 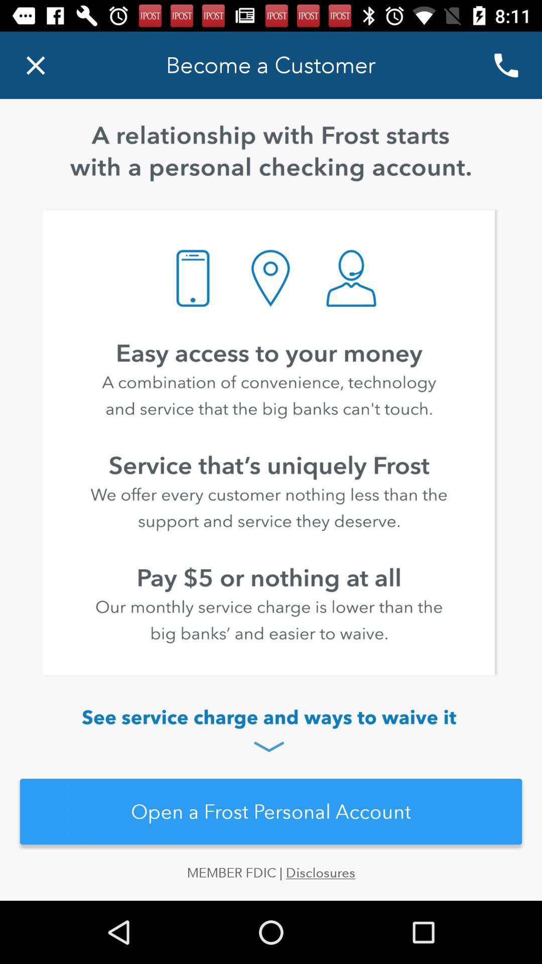 What do you see at coordinates (271, 882) in the screenshot?
I see `the member fdic | disclosures icon` at bounding box center [271, 882].